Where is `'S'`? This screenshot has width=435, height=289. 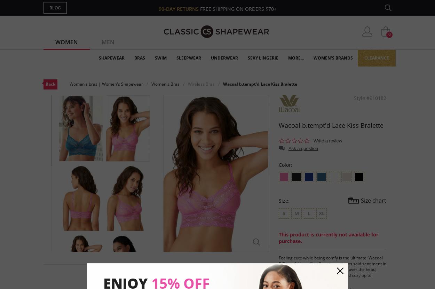
'S' is located at coordinates (284, 213).